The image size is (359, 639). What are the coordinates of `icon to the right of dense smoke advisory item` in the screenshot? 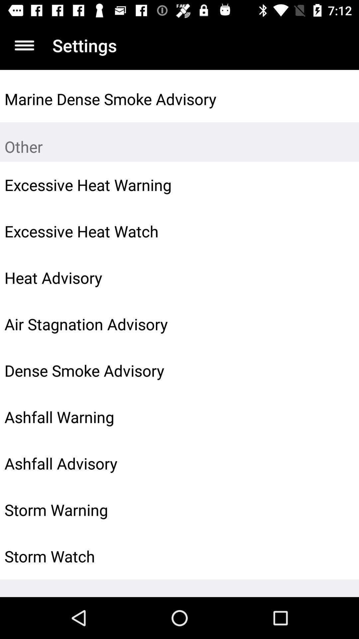 It's located at (338, 370).